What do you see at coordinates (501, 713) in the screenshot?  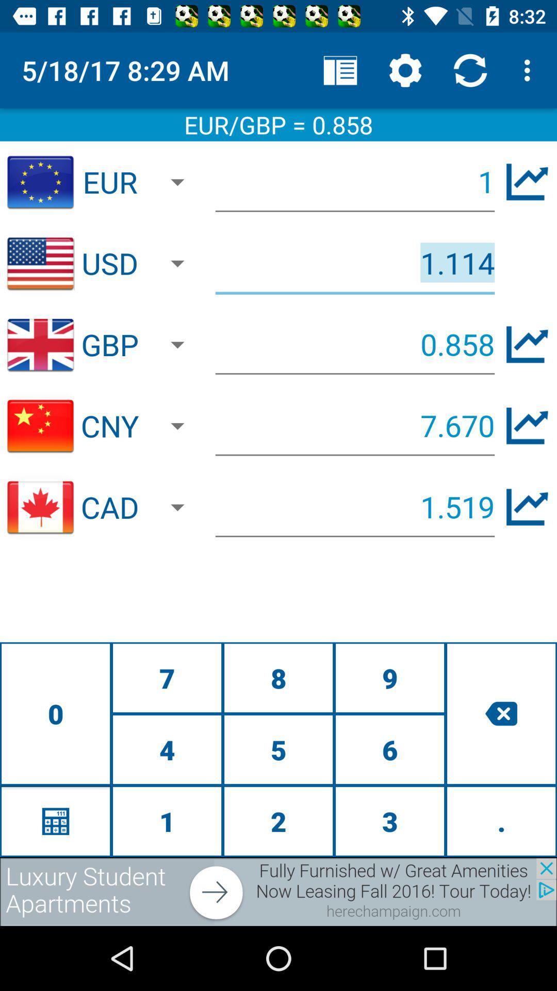 I see `delete one number` at bounding box center [501, 713].